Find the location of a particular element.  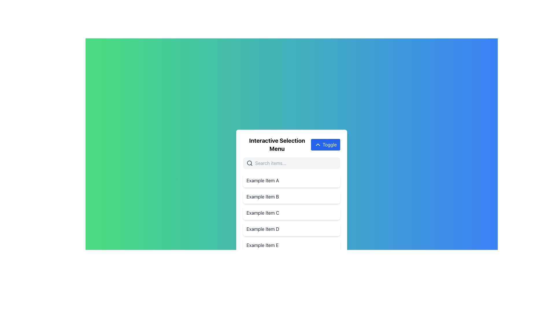

the text label reading 'Example Item E' is located at coordinates (262, 245).